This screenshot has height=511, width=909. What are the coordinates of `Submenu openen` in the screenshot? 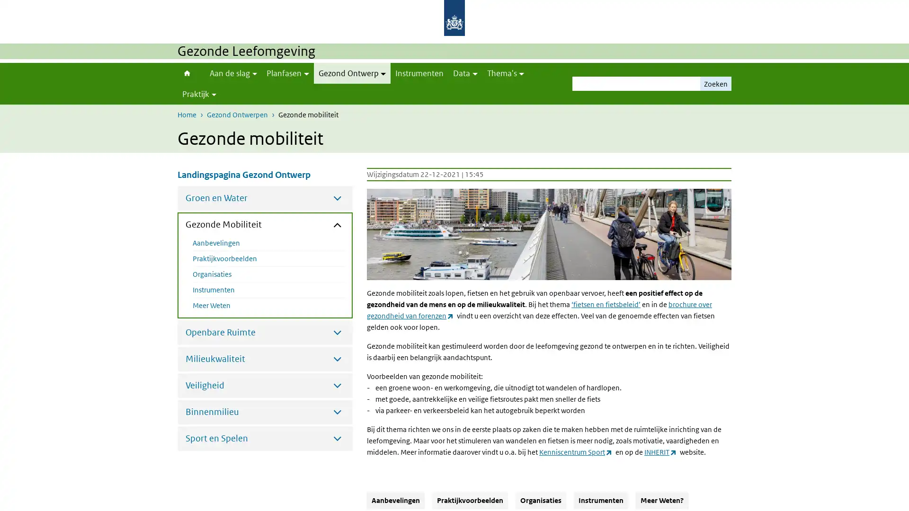 It's located at (338, 359).